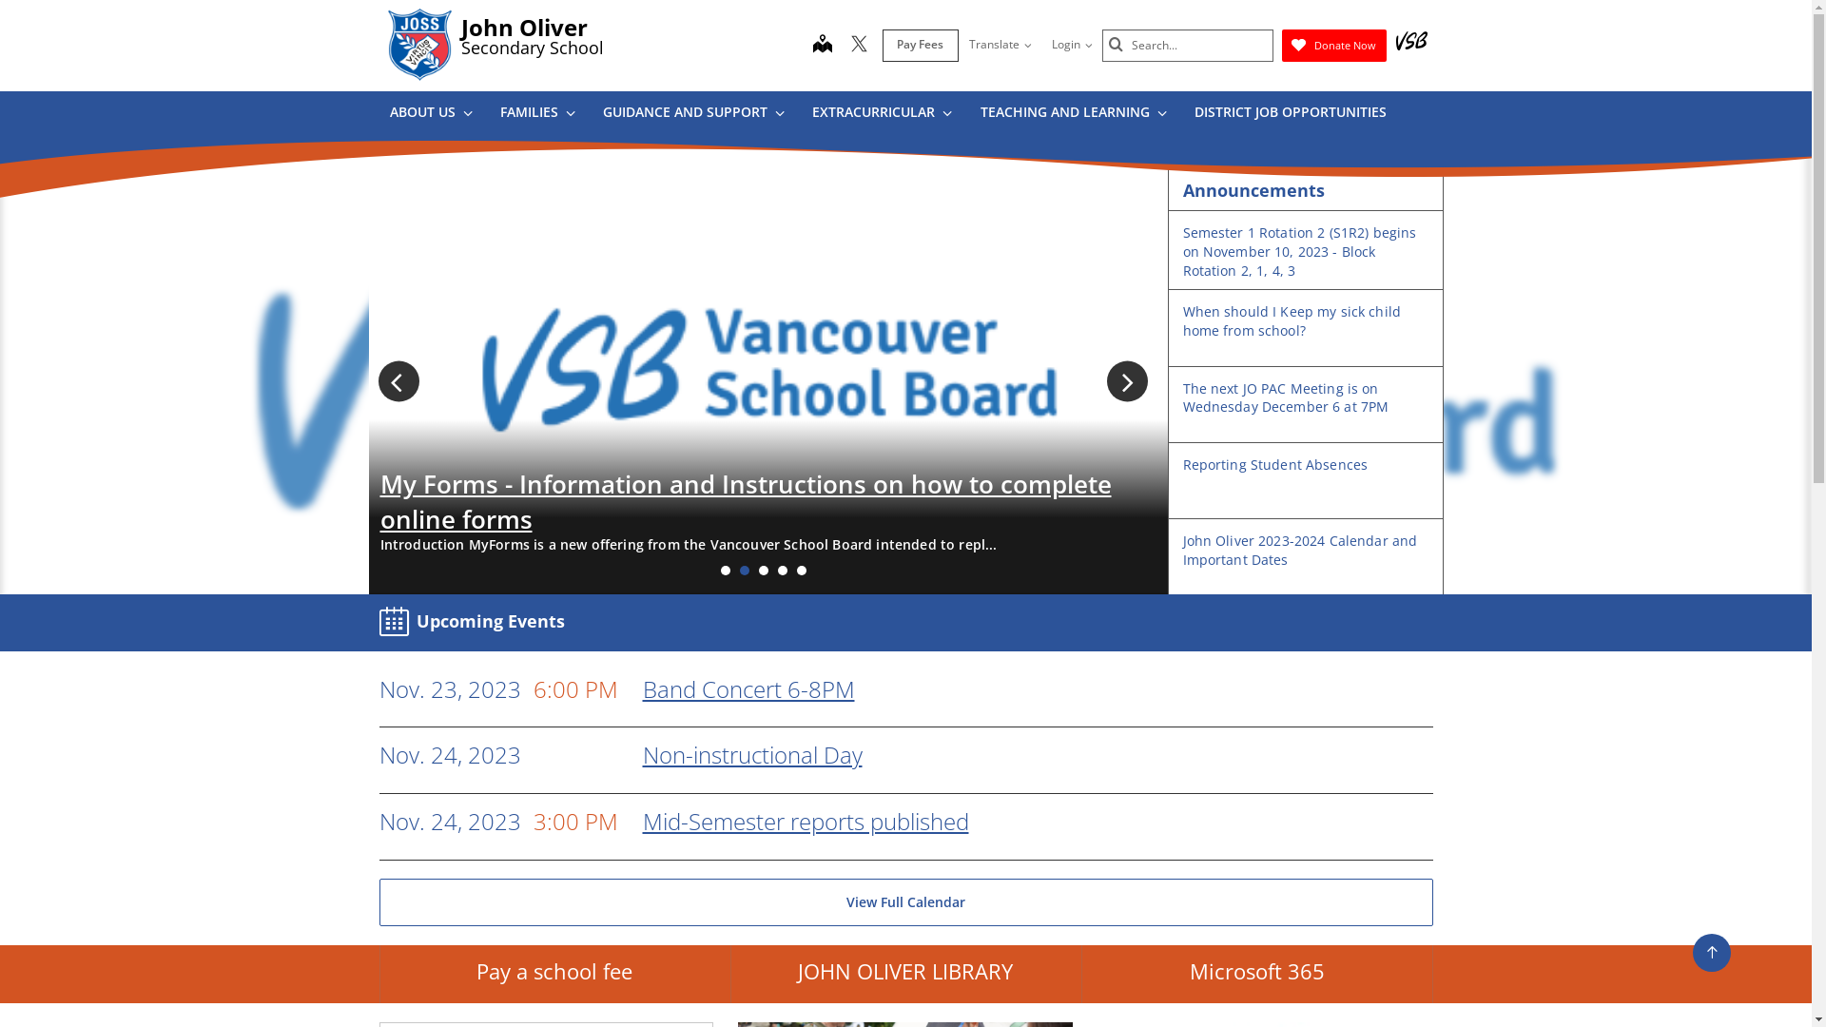  Describe the element at coordinates (428, 115) in the screenshot. I see `'ABOUT US'` at that location.